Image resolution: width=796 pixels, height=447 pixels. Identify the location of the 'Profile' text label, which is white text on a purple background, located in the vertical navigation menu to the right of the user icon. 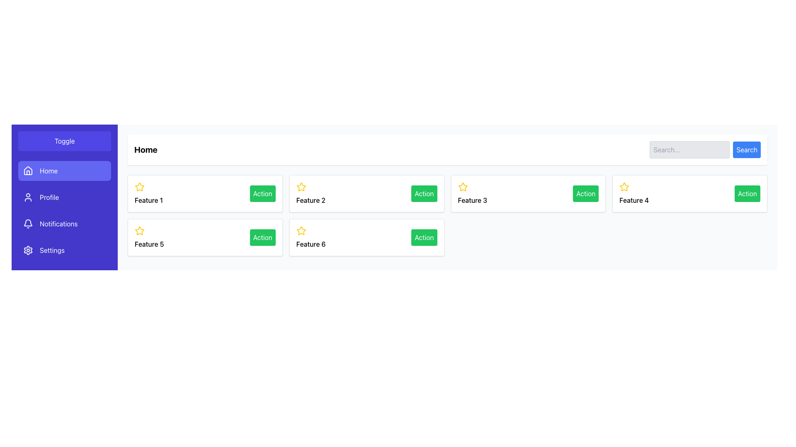
(49, 197).